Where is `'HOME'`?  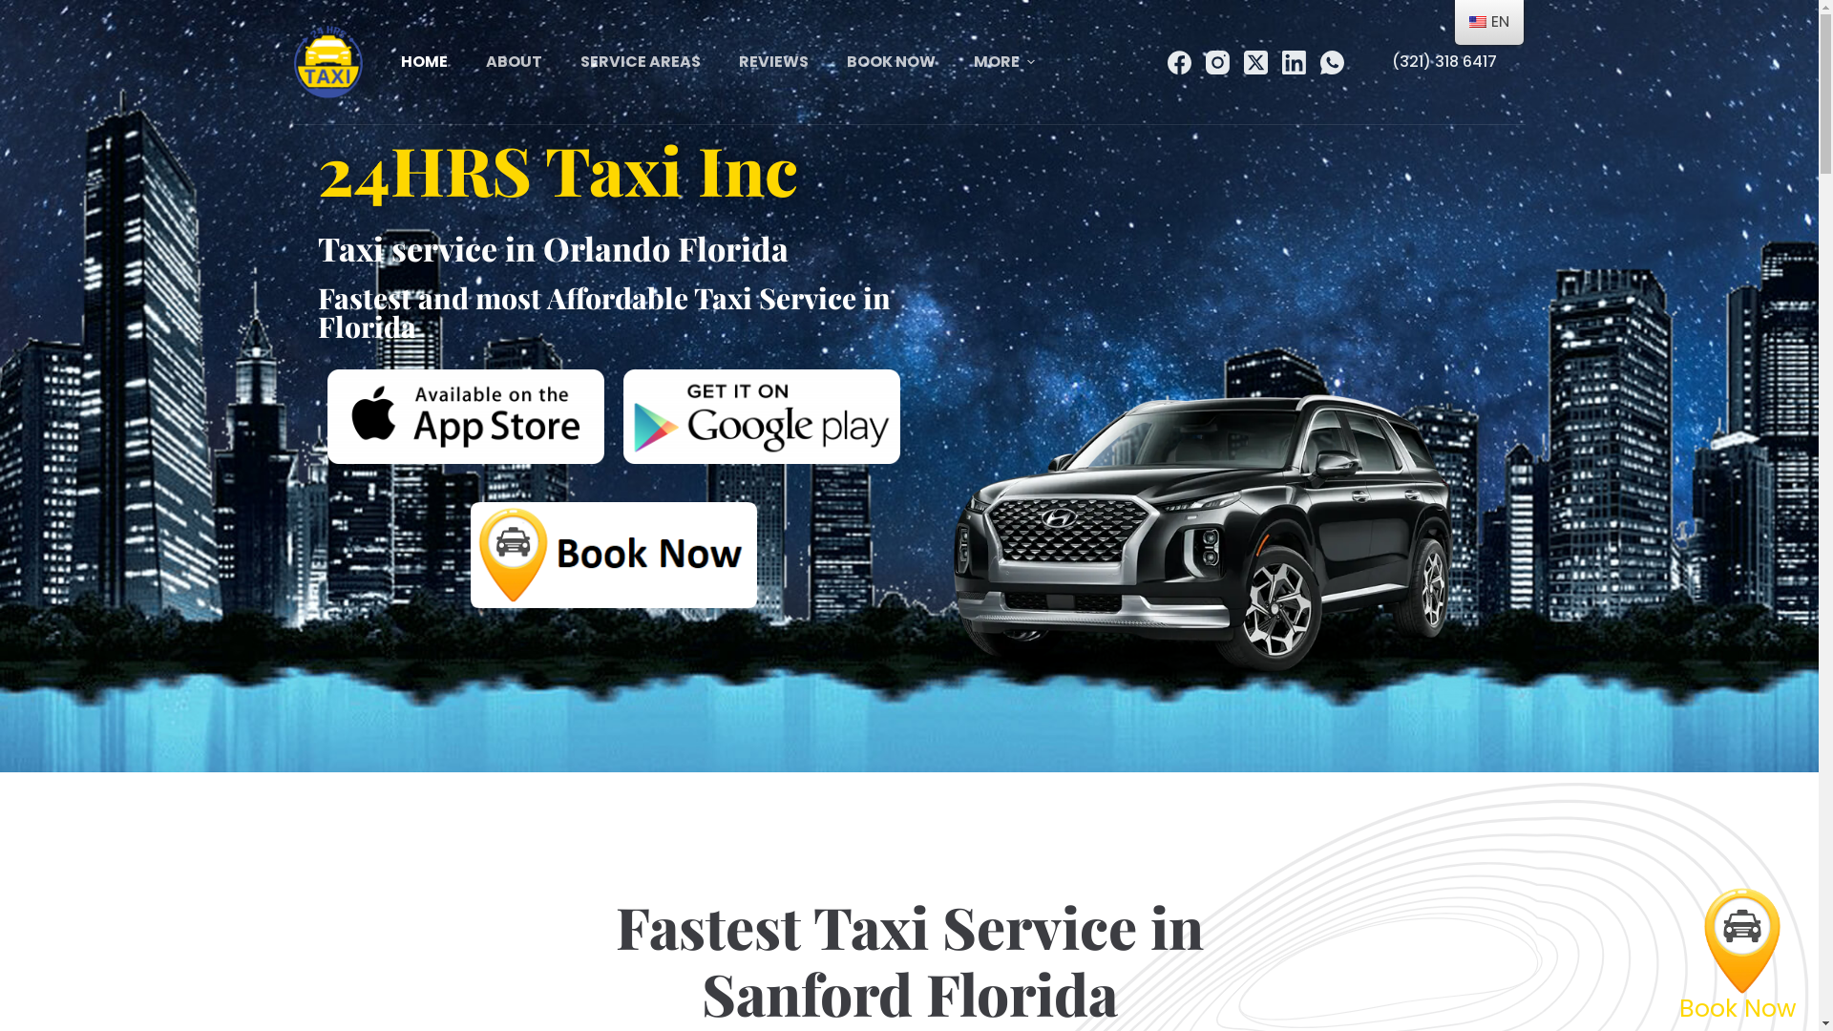
'HOME' is located at coordinates (423, 61).